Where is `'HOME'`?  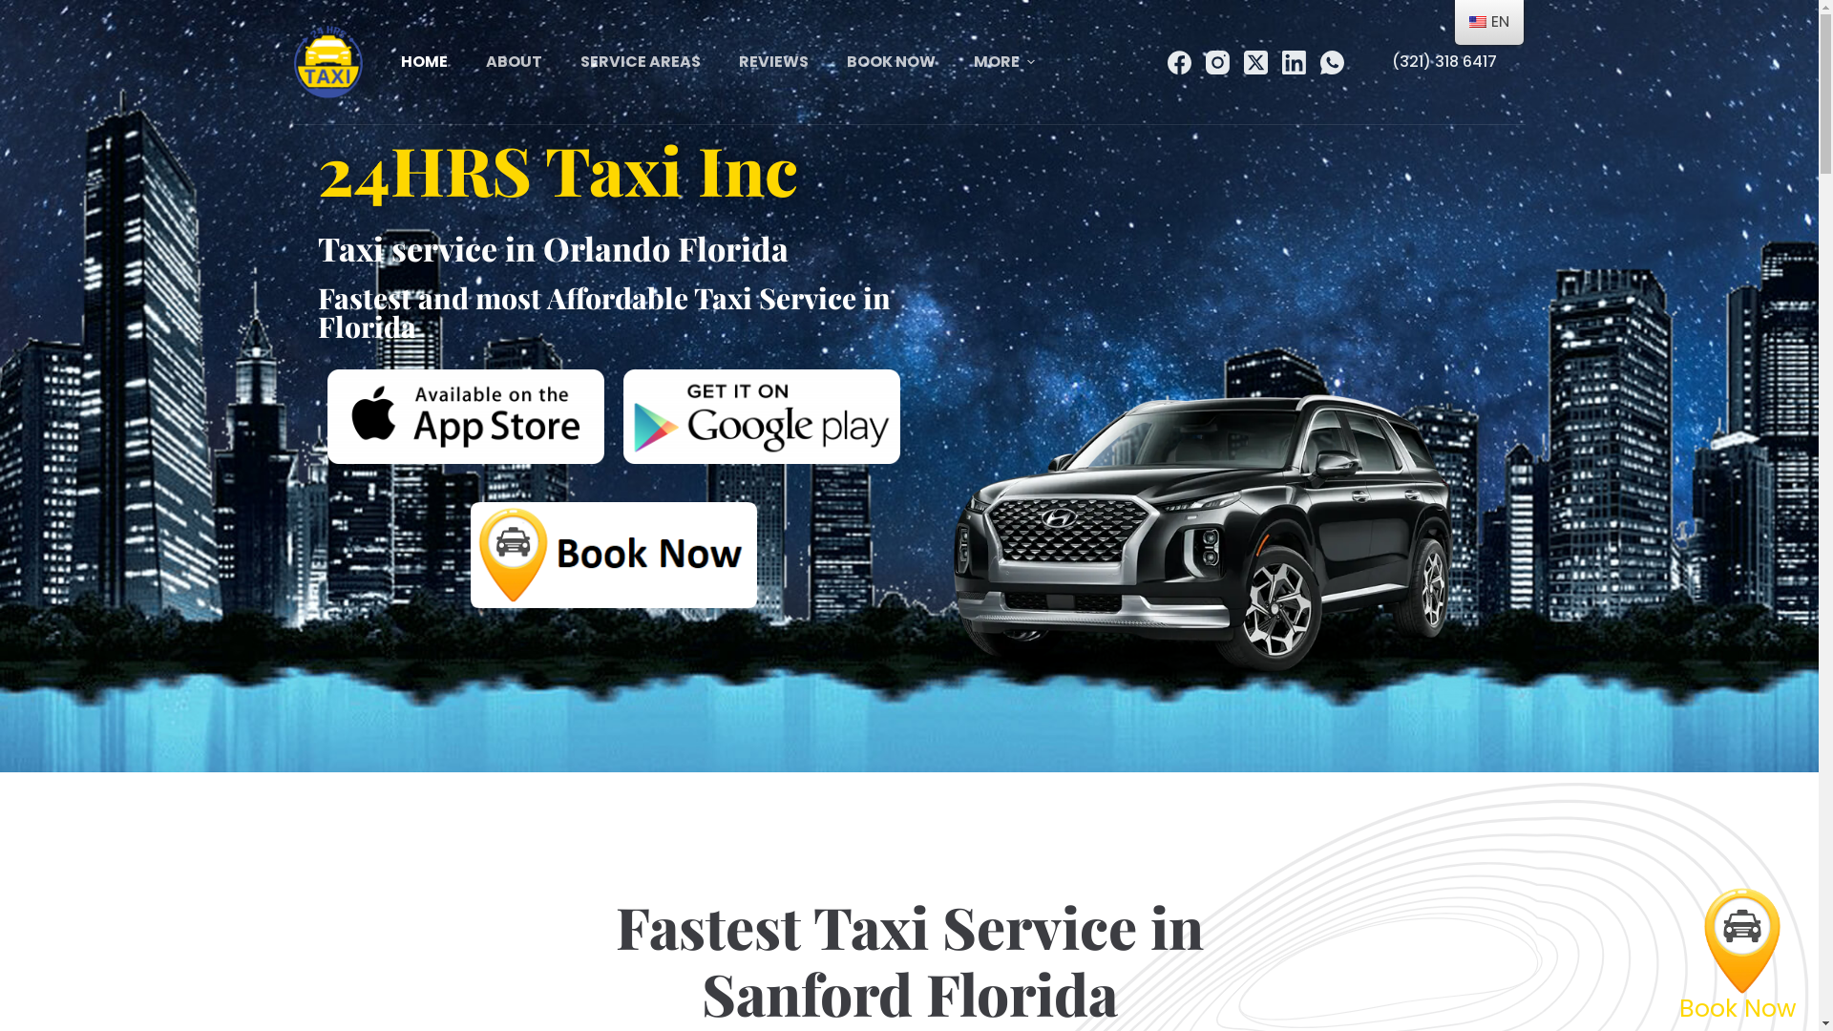
'HOME' is located at coordinates (423, 61).